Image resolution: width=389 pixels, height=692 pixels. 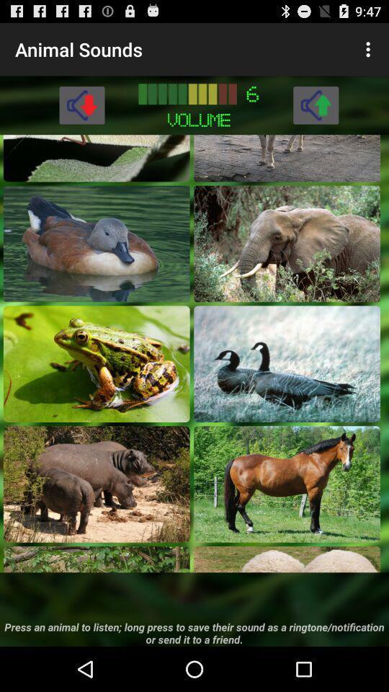 I want to click on frog picture, so click(x=97, y=363).